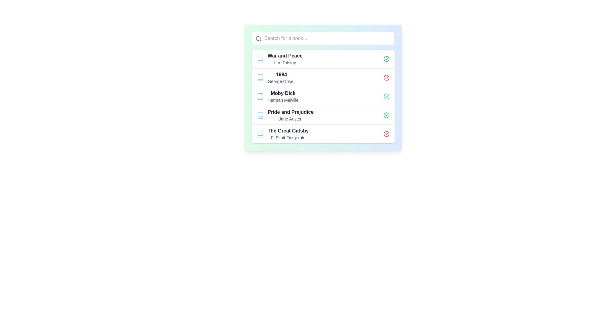 Image resolution: width=591 pixels, height=332 pixels. Describe the element at coordinates (386, 133) in the screenshot. I see `the circular checkmark icon on the far right of the row labeled 'The Great Gatsby' authored by 'F. Scott Fitzgerald' to interact with it` at that location.